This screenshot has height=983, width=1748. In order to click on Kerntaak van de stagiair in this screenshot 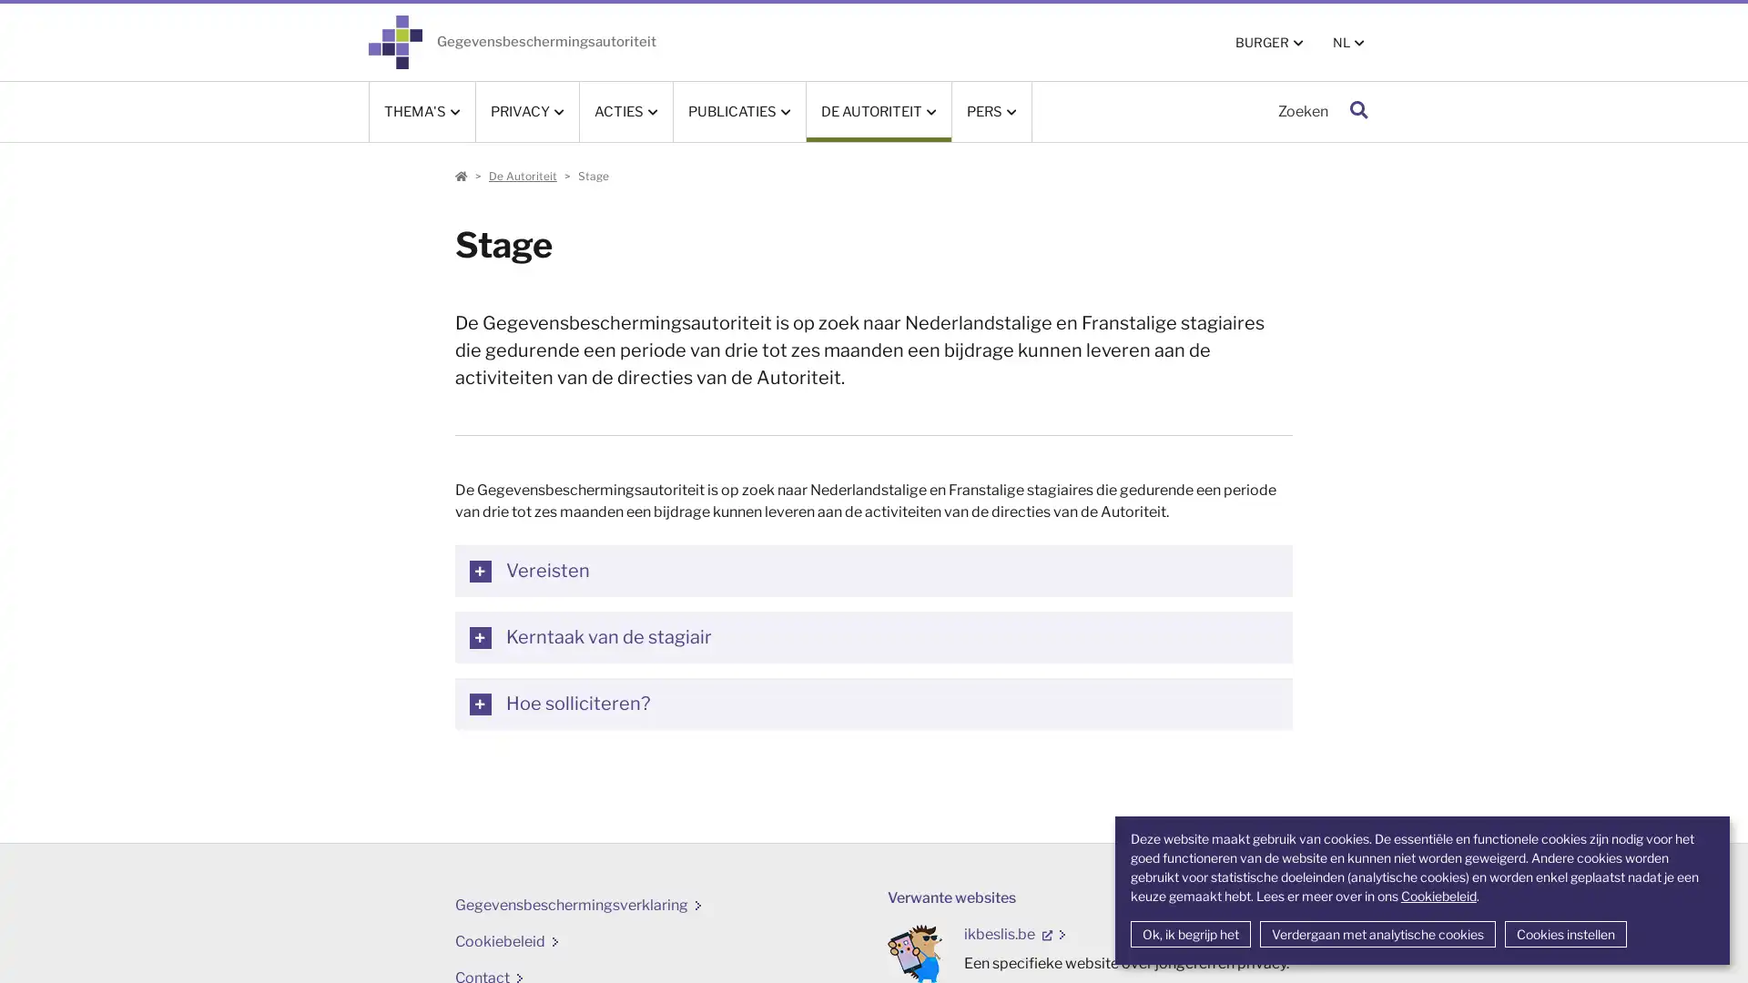, I will do `click(872, 636)`.